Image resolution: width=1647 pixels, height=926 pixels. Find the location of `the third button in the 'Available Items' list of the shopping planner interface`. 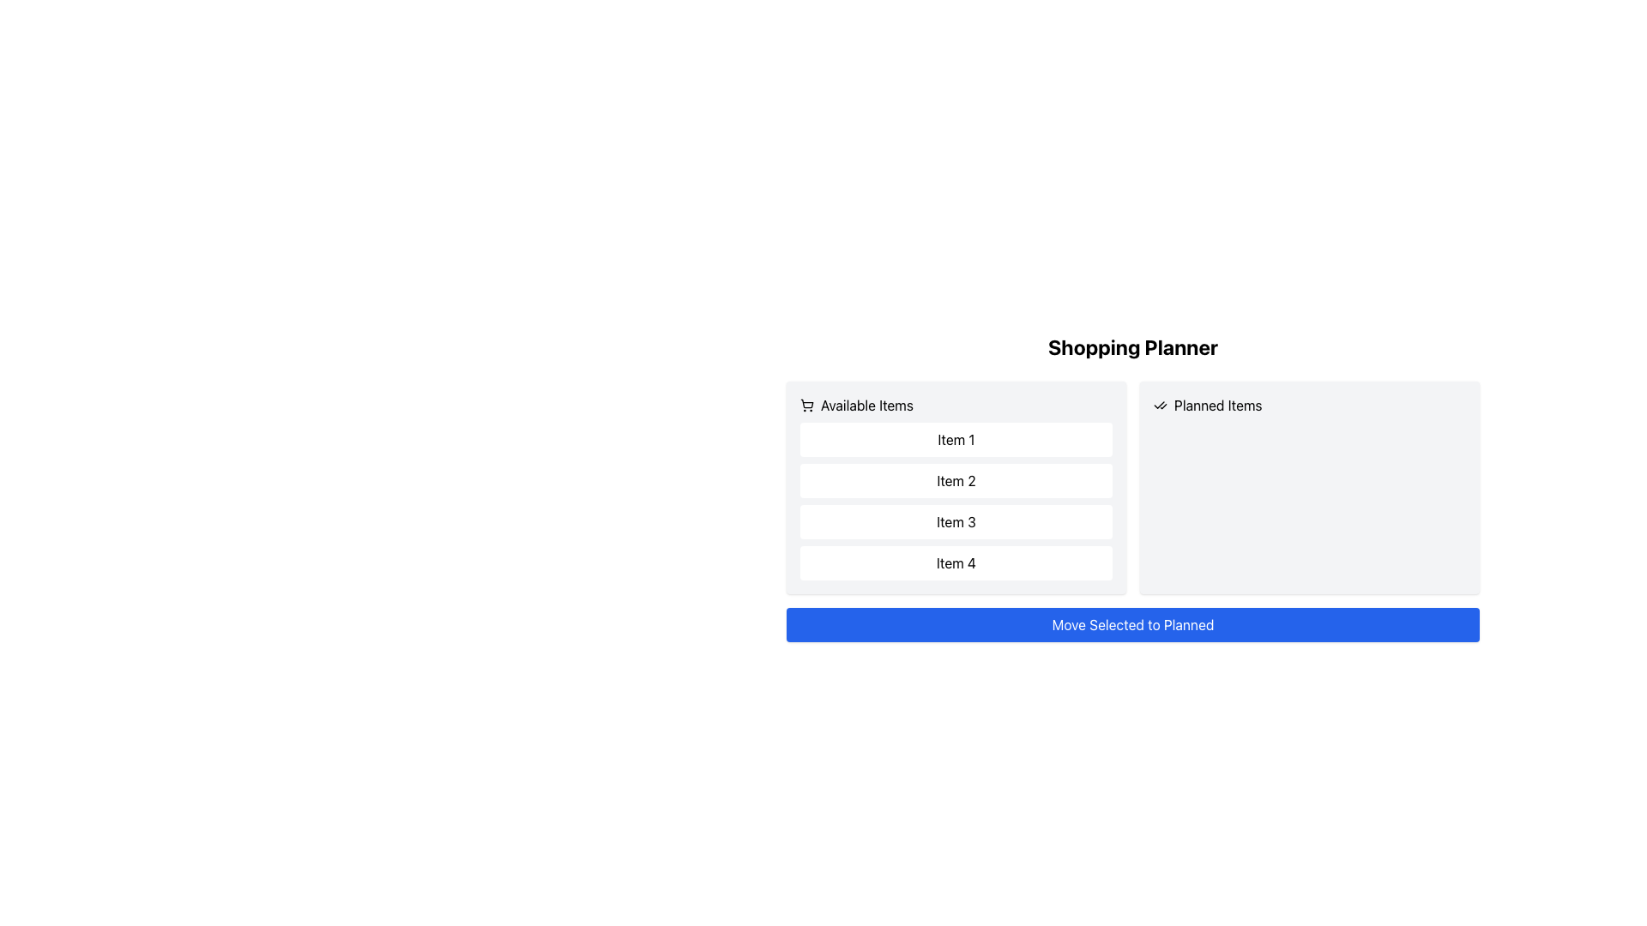

the third button in the 'Available Items' list of the shopping planner interface is located at coordinates (955, 521).